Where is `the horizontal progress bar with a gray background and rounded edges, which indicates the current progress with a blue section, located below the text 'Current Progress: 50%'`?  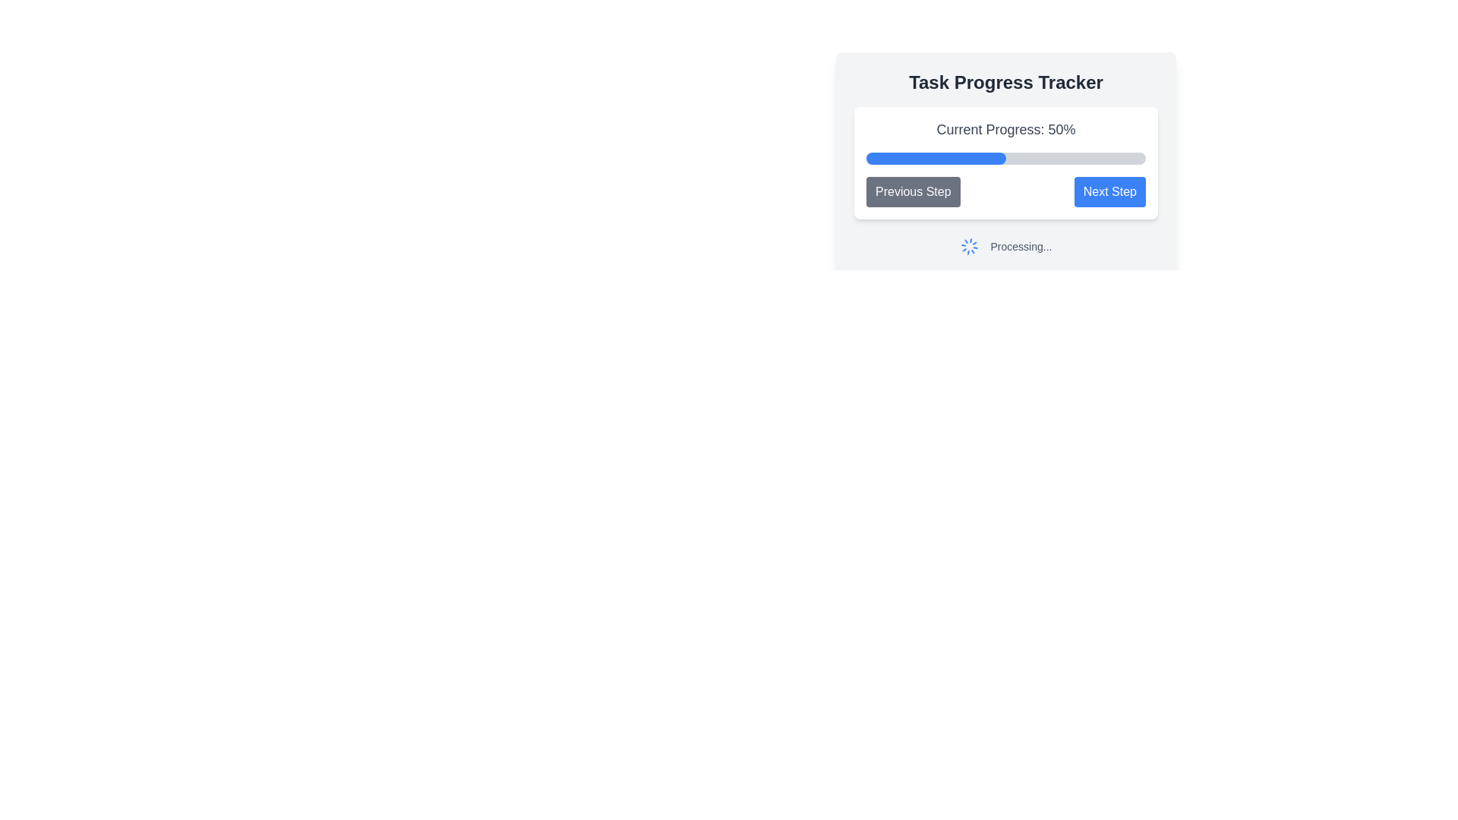
the horizontal progress bar with a gray background and rounded edges, which indicates the current progress with a blue section, located below the text 'Current Progress: 50%' is located at coordinates (1005, 158).